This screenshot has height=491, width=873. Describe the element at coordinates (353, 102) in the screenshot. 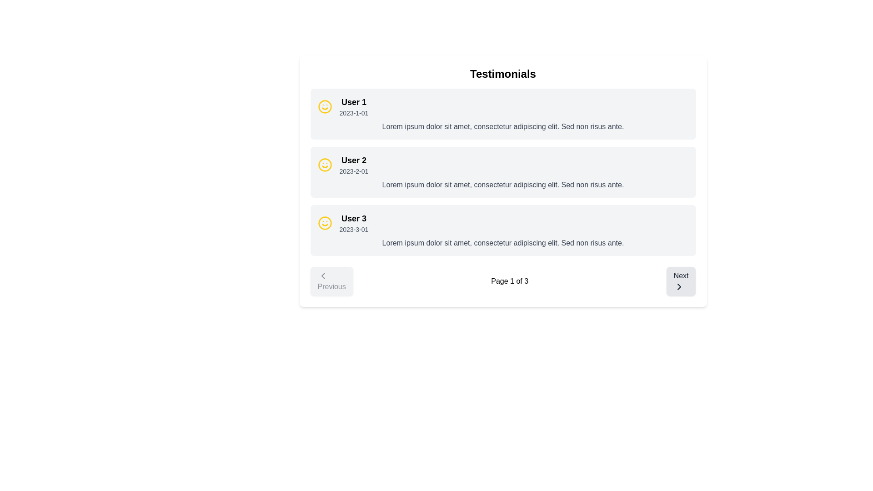

I see `the 'User 1' text label, which is displayed in a larger font size and bold style at the top-left corner of its user information block` at that location.